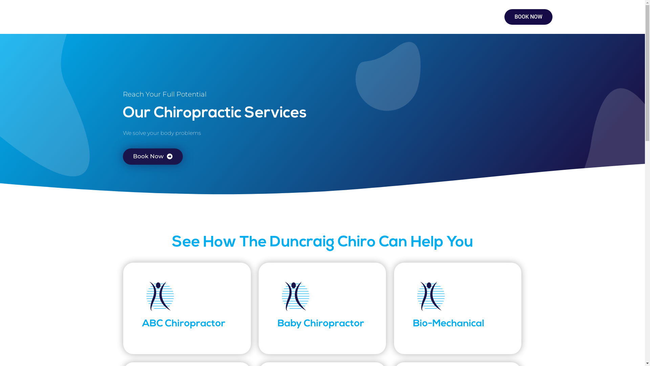 This screenshot has width=650, height=366. What do you see at coordinates (152, 157) in the screenshot?
I see `'Book Now'` at bounding box center [152, 157].